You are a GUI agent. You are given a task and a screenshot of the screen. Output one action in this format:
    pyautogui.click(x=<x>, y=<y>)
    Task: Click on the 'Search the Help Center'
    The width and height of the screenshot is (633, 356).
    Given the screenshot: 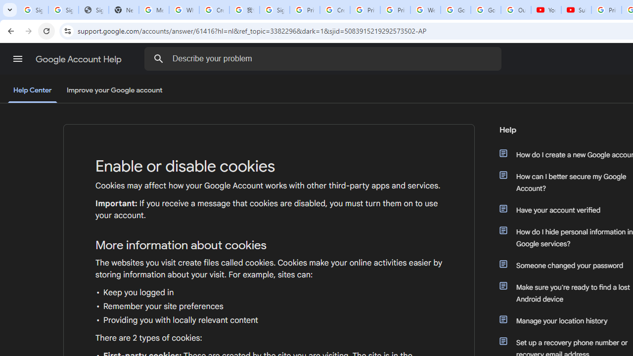 What is the action you would take?
    pyautogui.click(x=158, y=58)
    